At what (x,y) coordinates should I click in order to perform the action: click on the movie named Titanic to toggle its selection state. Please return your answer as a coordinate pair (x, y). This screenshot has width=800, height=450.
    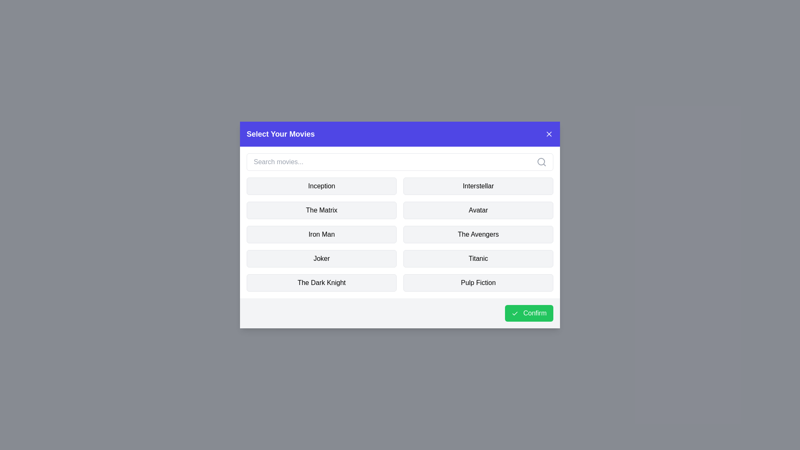
    Looking at the image, I should click on (478, 258).